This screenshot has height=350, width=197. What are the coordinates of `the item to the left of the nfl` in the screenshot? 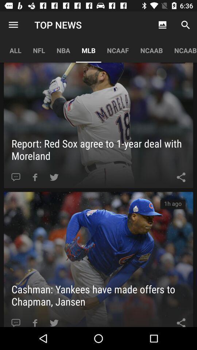 It's located at (13, 25).